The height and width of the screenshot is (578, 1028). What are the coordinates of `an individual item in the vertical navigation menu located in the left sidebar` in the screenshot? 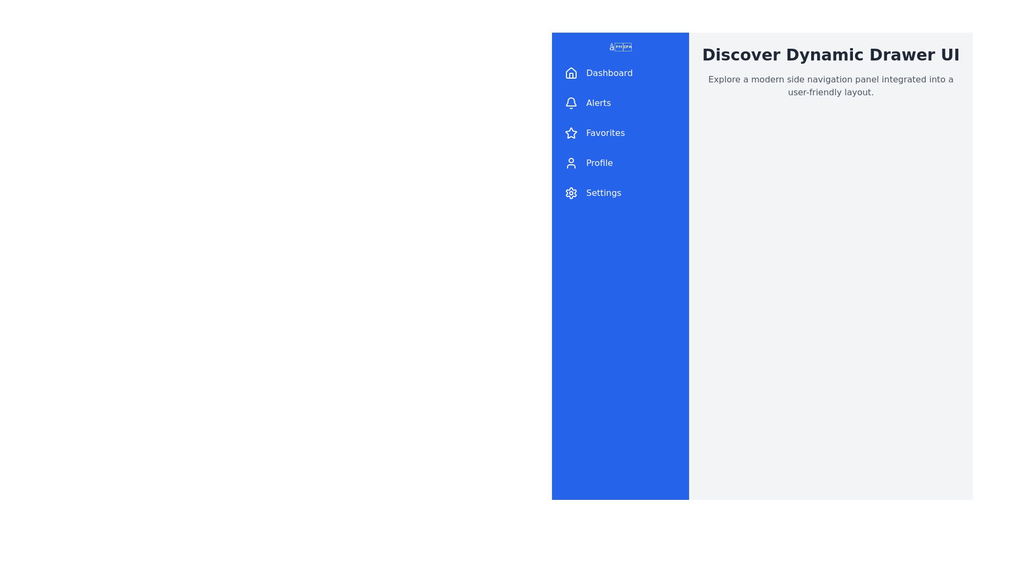 It's located at (620, 133).